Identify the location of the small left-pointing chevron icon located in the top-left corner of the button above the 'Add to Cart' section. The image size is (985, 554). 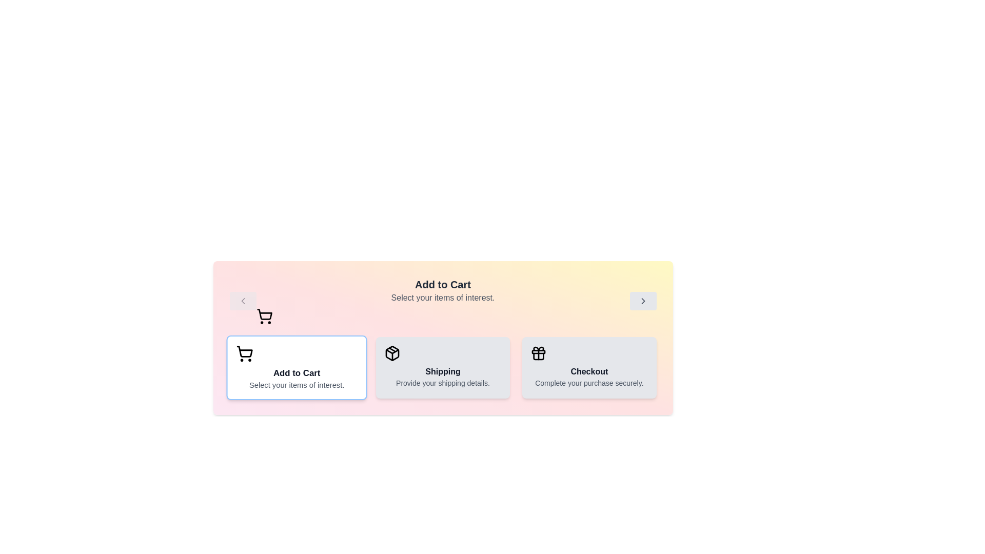
(242, 300).